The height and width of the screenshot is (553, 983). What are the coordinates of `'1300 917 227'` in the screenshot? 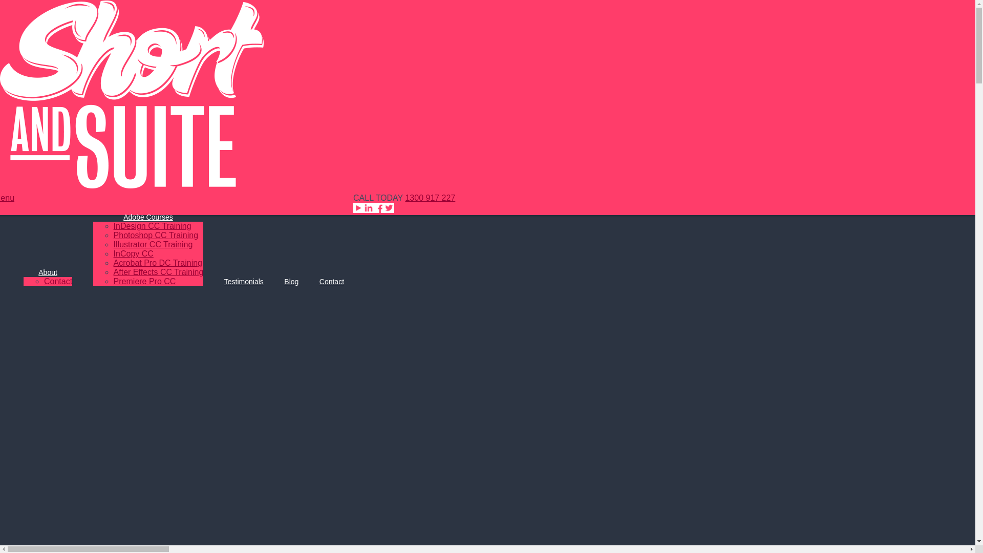 It's located at (404, 198).